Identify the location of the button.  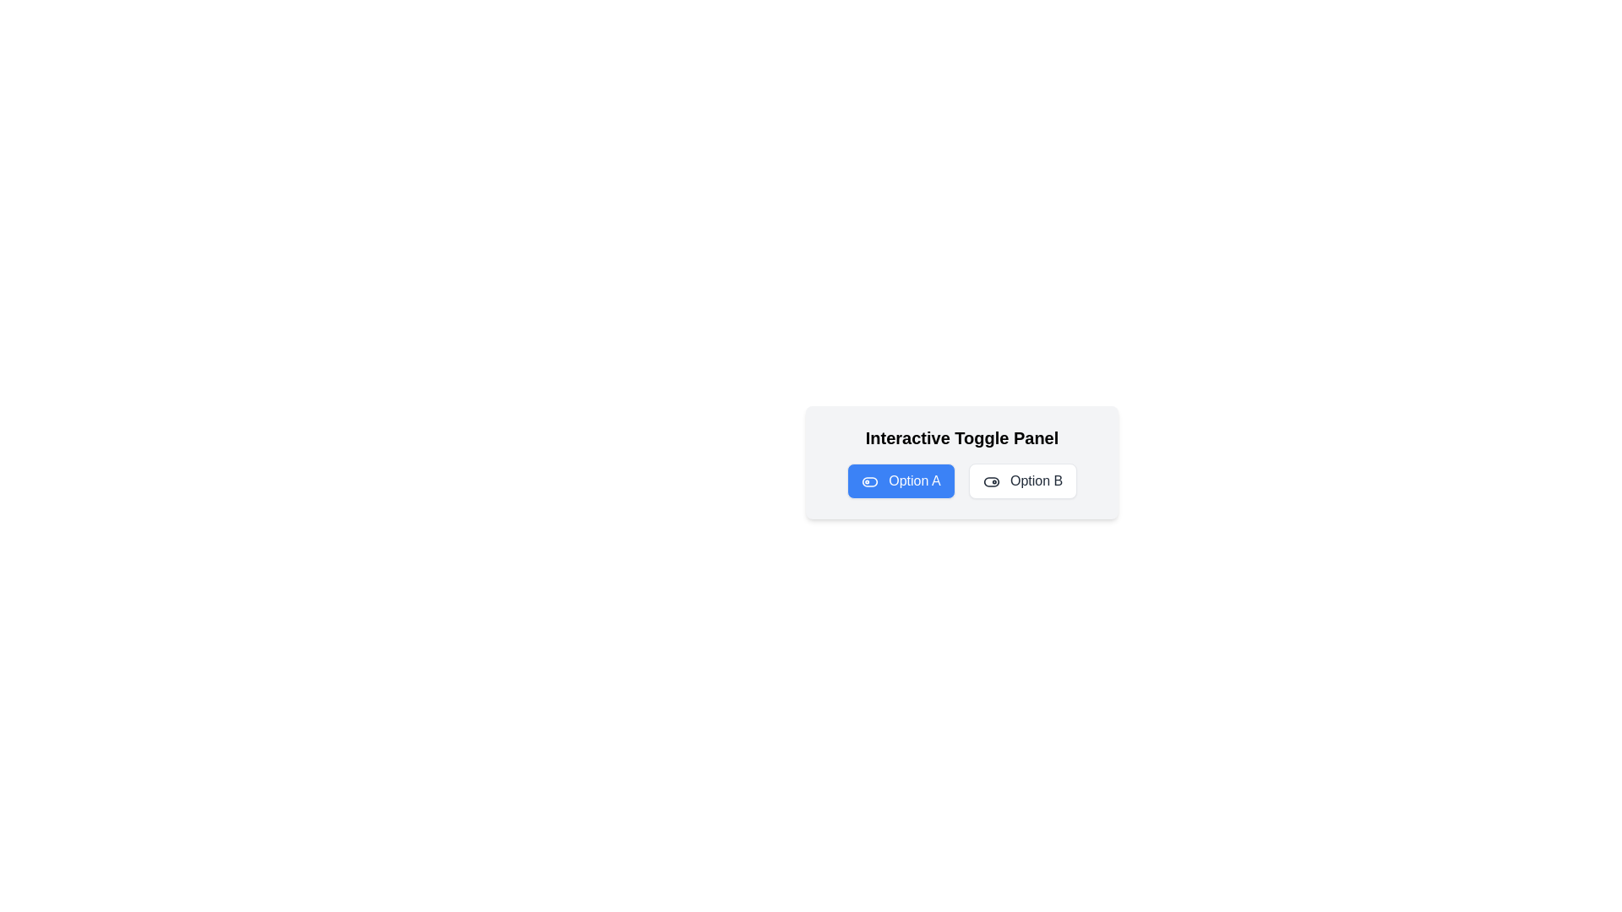
(1021, 481).